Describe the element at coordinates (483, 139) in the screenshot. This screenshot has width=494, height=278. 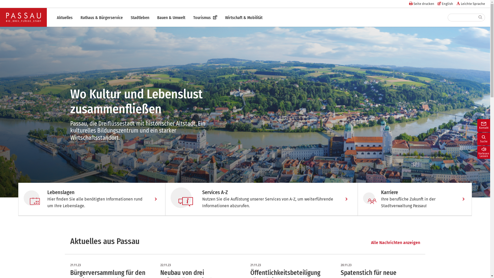
I see `'Suche'` at that location.